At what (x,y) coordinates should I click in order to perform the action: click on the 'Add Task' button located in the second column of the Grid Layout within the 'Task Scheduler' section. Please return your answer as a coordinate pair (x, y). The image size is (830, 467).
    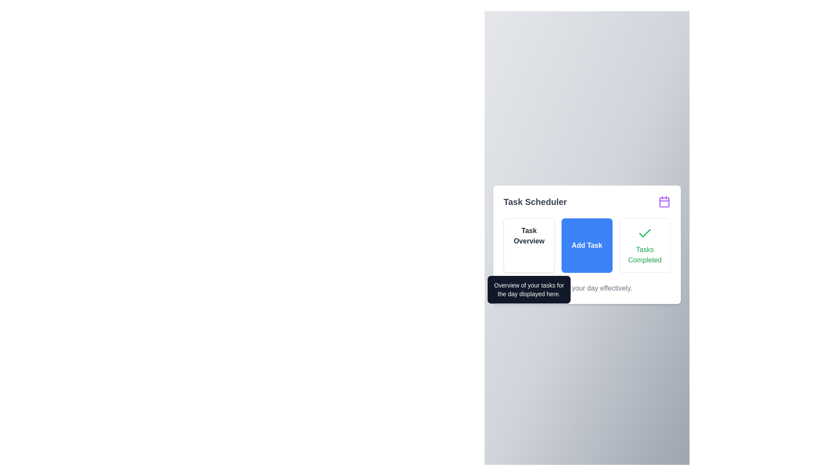
    Looking at the image, I should click on (587, 245).